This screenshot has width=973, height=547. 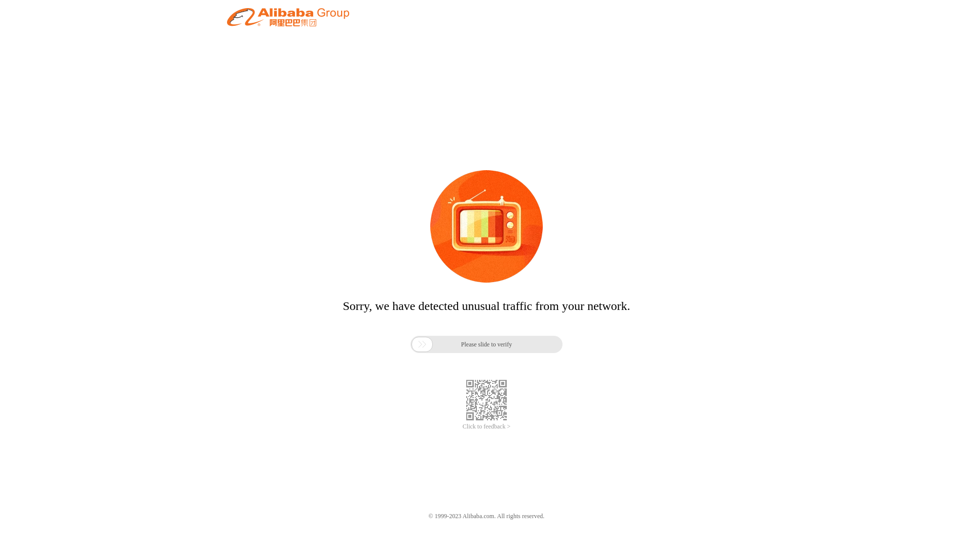 What do you see at coordinates (486, 426) in the screenshot?
I see `'Click to feedback >'` at bounding box center [486, 426].